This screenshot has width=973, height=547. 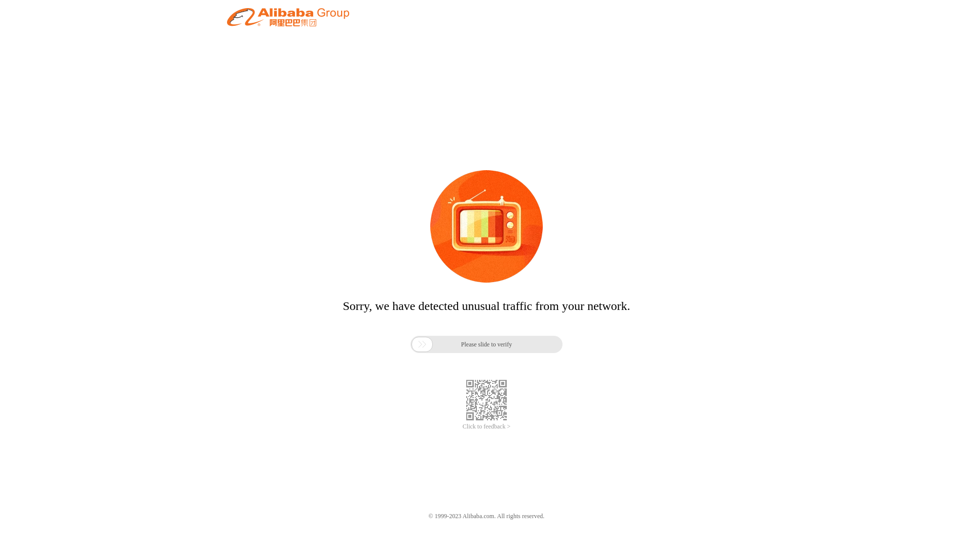 What do you see at coordinates (486, 426) in the screenshot?
I see `'Click to feedback >'` at bounding box center [486, 426].